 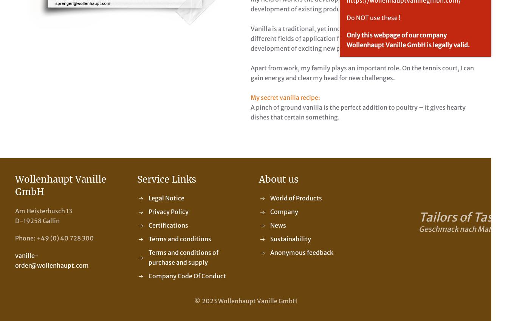 What do you see at coordinates (296, 198) in the screenshot?
I see `'World of Products'` at bounding box center [296, 198].